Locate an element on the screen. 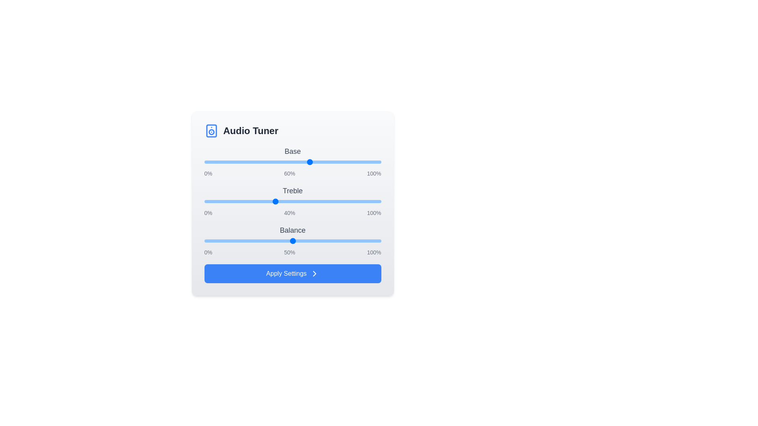 The width and height of the screenshot is (758, 426). 'Apply Settings' button is located at coordinates (292, 273).